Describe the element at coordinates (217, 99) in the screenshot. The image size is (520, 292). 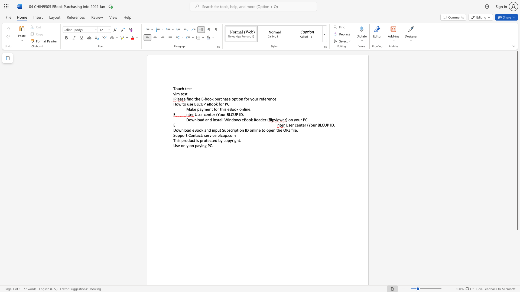
I see `the subset text "urchase" within the text "find the E-book purchase"` at that location.